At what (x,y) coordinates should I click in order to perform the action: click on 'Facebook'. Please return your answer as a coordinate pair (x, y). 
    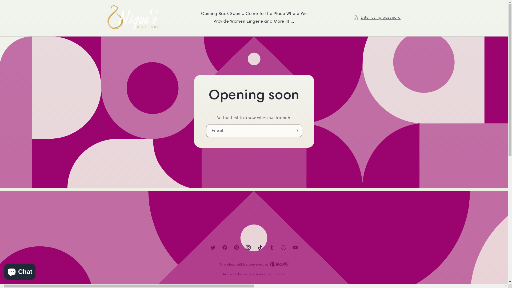
    Looking at the image, I should click on (224, 247).